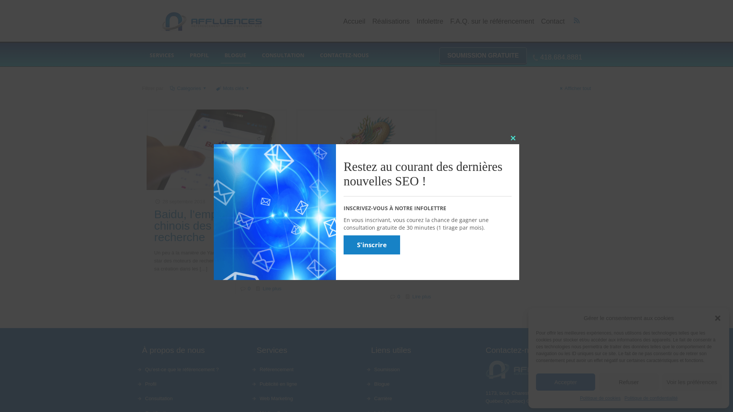 Image resolution: width=733 pixels, height=412 pixels. I want to click on 'SOUMISSION GRATUITE', so click(483, 55).